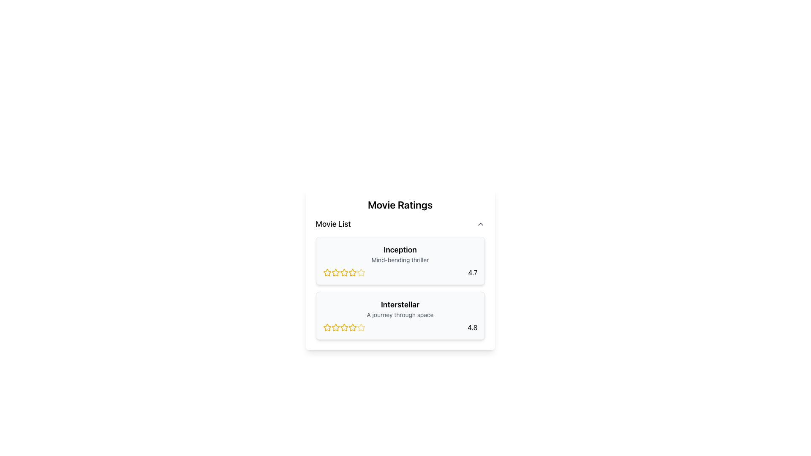 The height and width of the screenshot is (456, 811). What do you see at coordinates (400, 224) in the screenshot?
I see `the content of the Label or Dropdown Header located below the 'Movie Ratings' header and above the list of movies` at bounding box center [400, 224].